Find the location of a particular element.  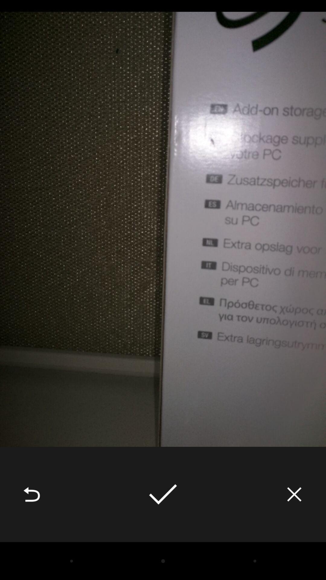

the icon at the bottom left corner is located at coordinates (31, 494).